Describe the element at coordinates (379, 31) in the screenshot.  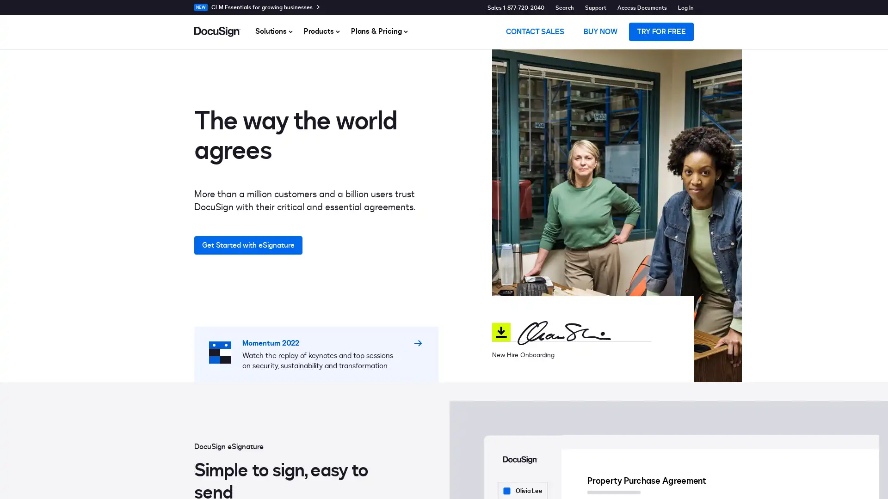
I see `Plans & Pricing` at that location.